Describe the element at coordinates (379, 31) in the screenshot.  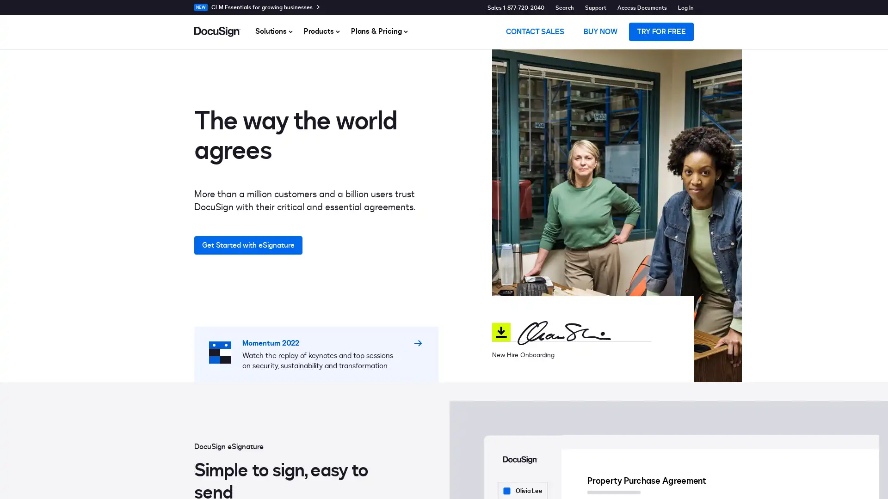
I see `Plans & Pricing` at that location.